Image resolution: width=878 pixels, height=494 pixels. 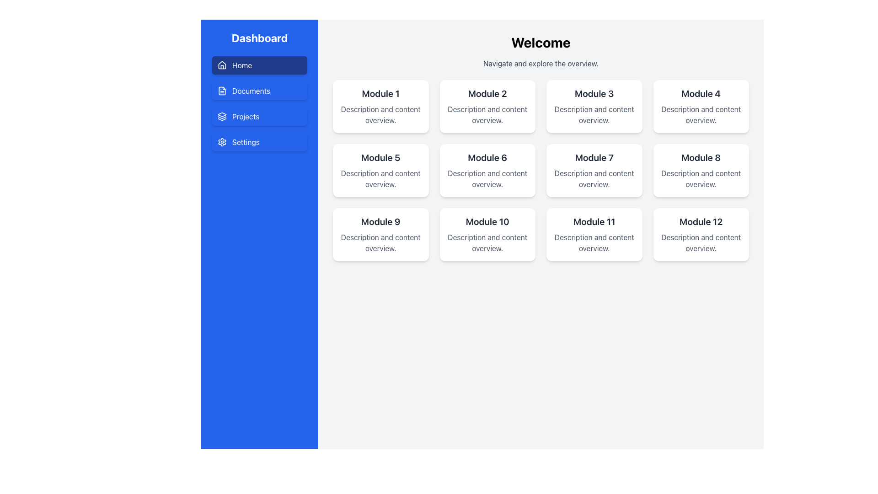 I want to click on the 'Projects' navigation button located third in the vertical menu, directly below 'Documents' and above 'Settings', so click(x=259, y=116).